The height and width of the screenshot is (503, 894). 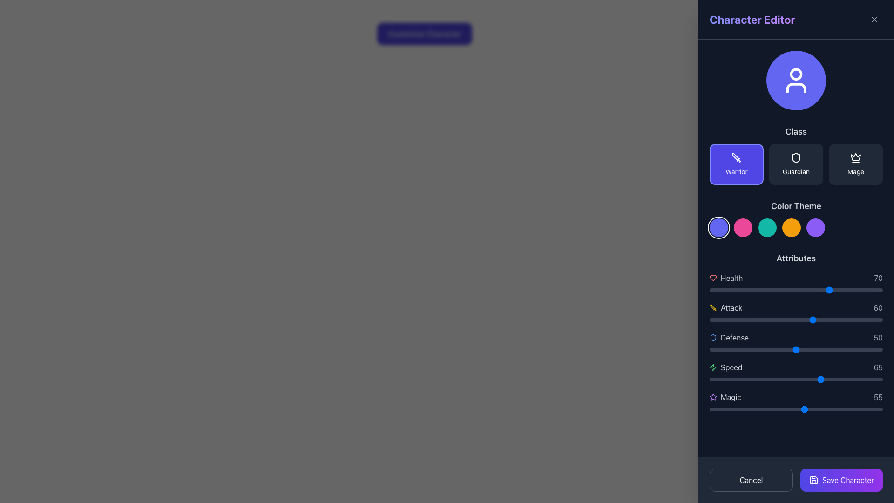 I want to click on the 'Speed' attribute display row, which shows a value of 65 and is the fourth entry in the 'Attributes' section of the character editing panel, so click(x=795, y=367).